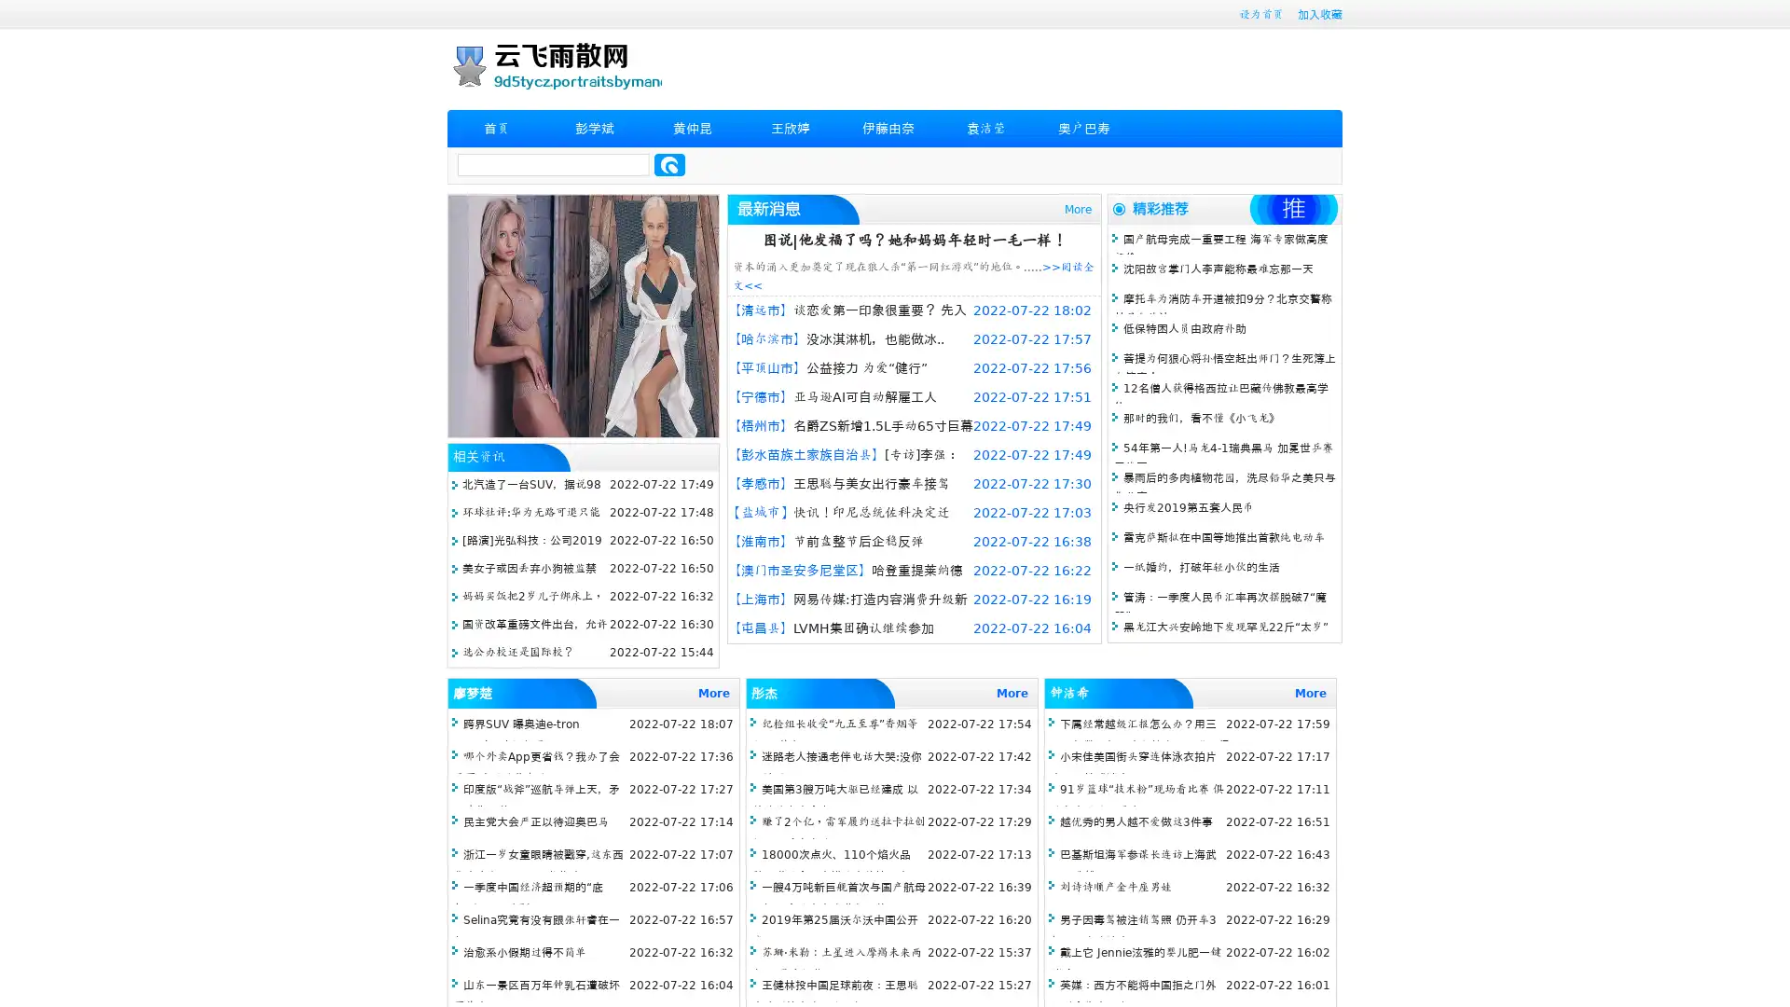  What do you see at coordinates (669, 164) in the screenshot?
I see `Search` at bounding box center [669, 164].